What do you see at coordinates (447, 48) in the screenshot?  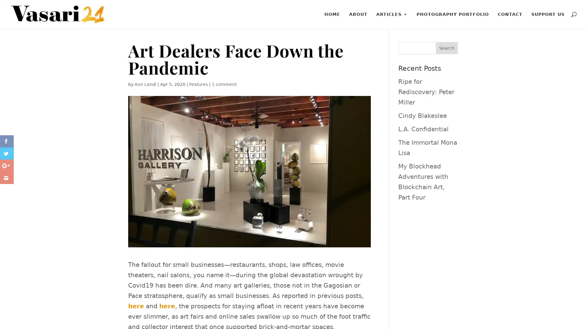 I see `Search` at bounding box center [447, 48].